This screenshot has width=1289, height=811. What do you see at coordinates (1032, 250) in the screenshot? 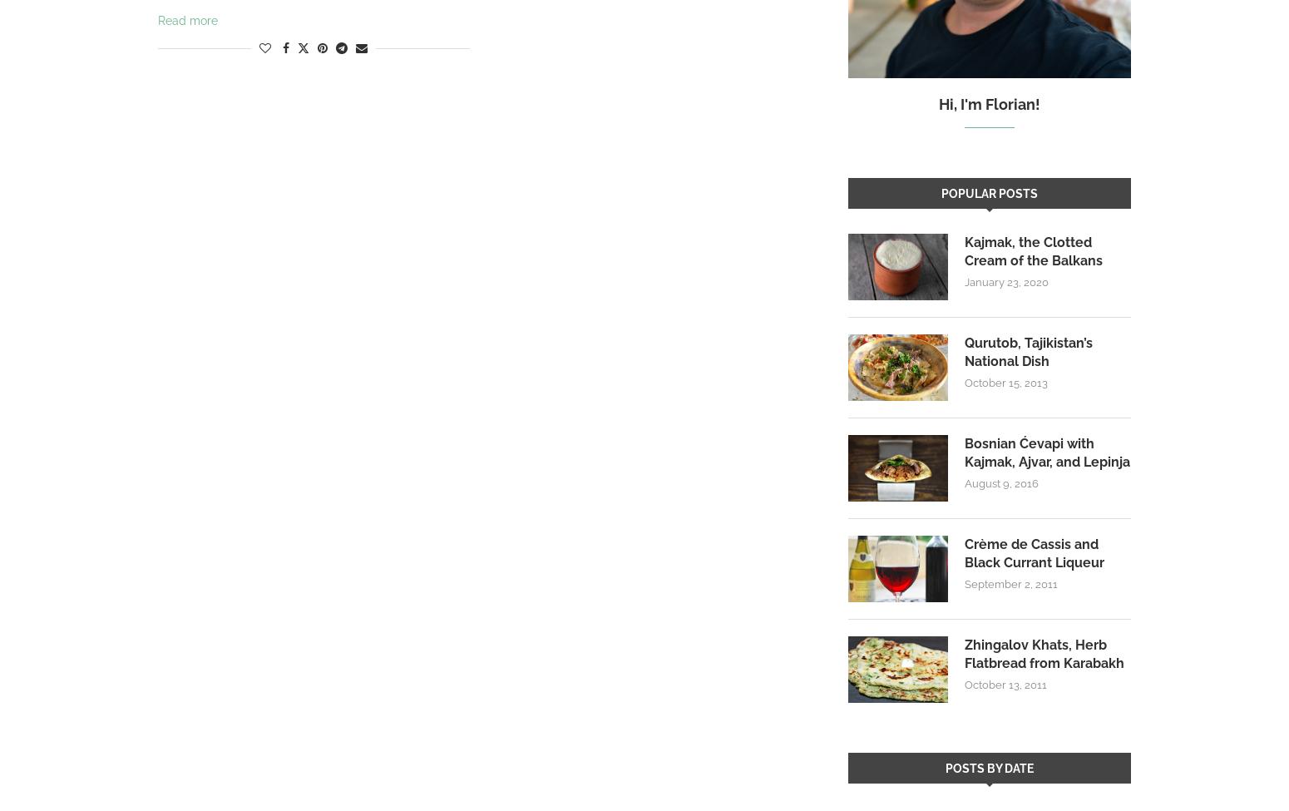
I see `'Kajmak, the Clotted Cream of the Balkans'` at bounding box center [1032, 250].